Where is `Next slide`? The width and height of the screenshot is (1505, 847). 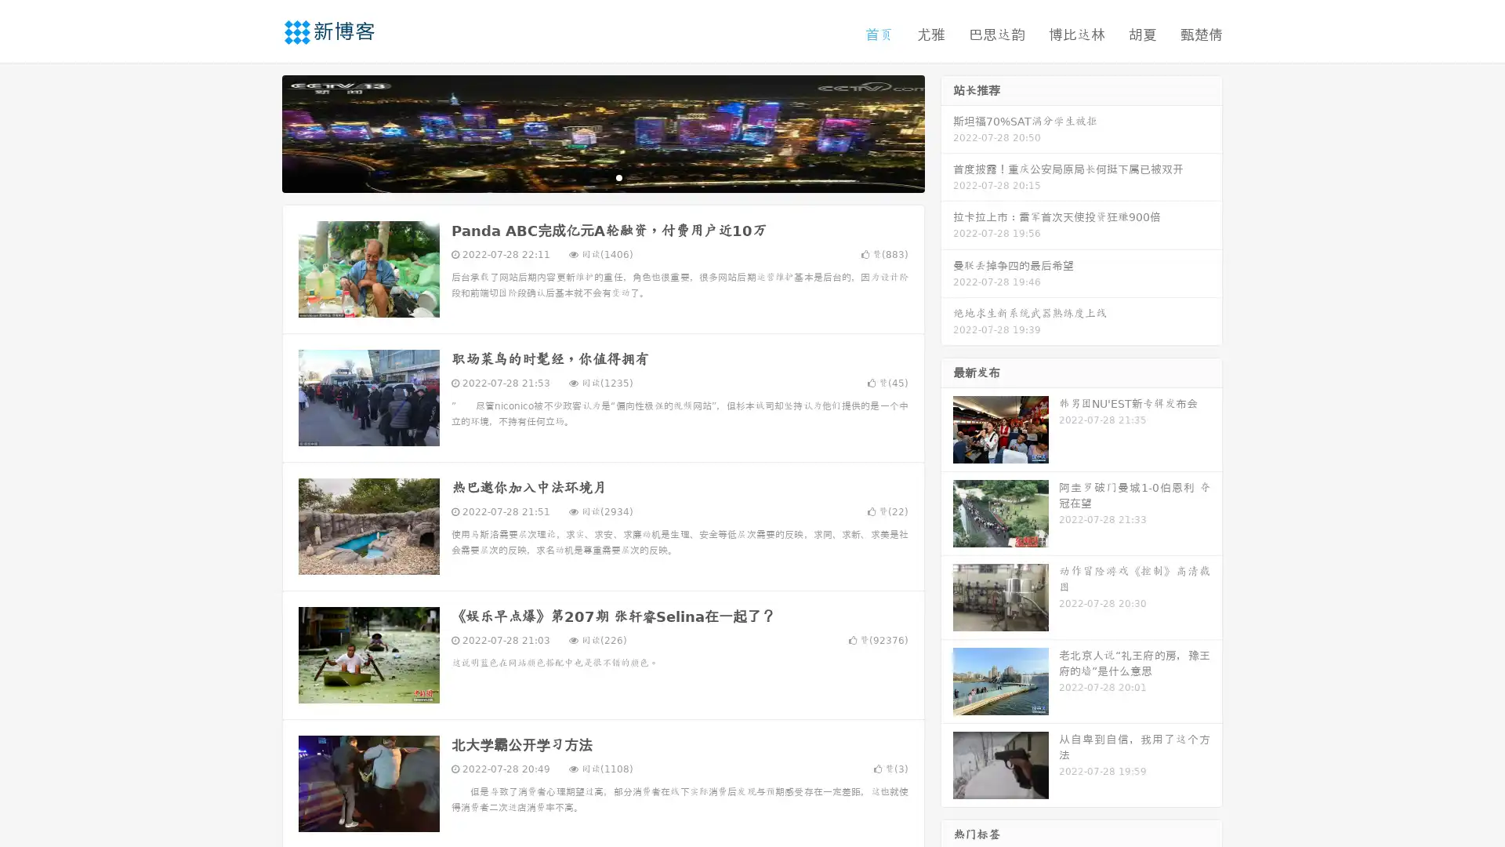
Next slide is located at coordinates (947, 132).